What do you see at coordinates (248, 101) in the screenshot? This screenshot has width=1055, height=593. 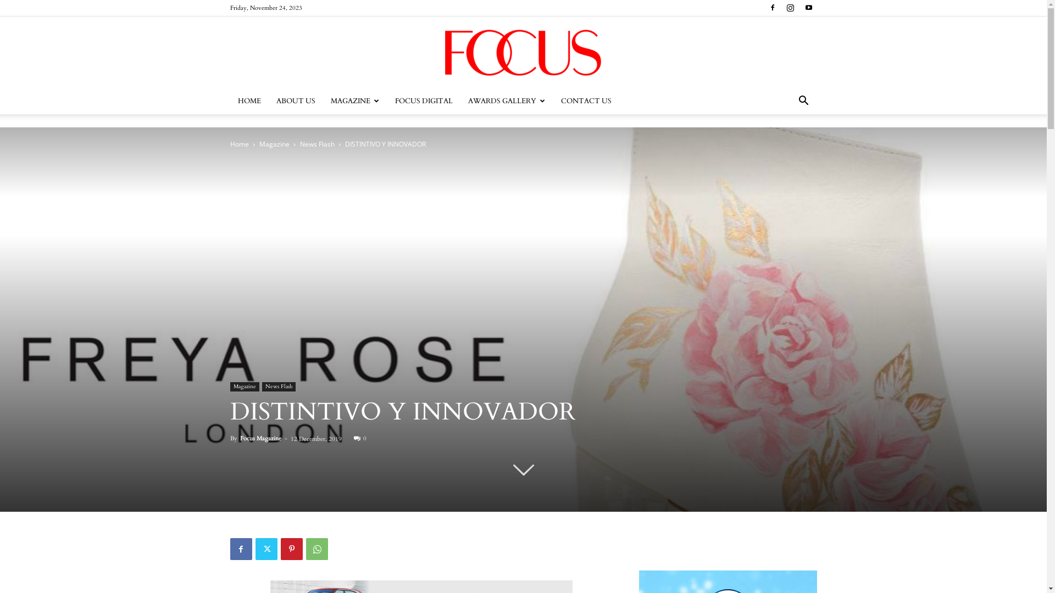 I see `'HOME'` at bounding box center [248, 101].